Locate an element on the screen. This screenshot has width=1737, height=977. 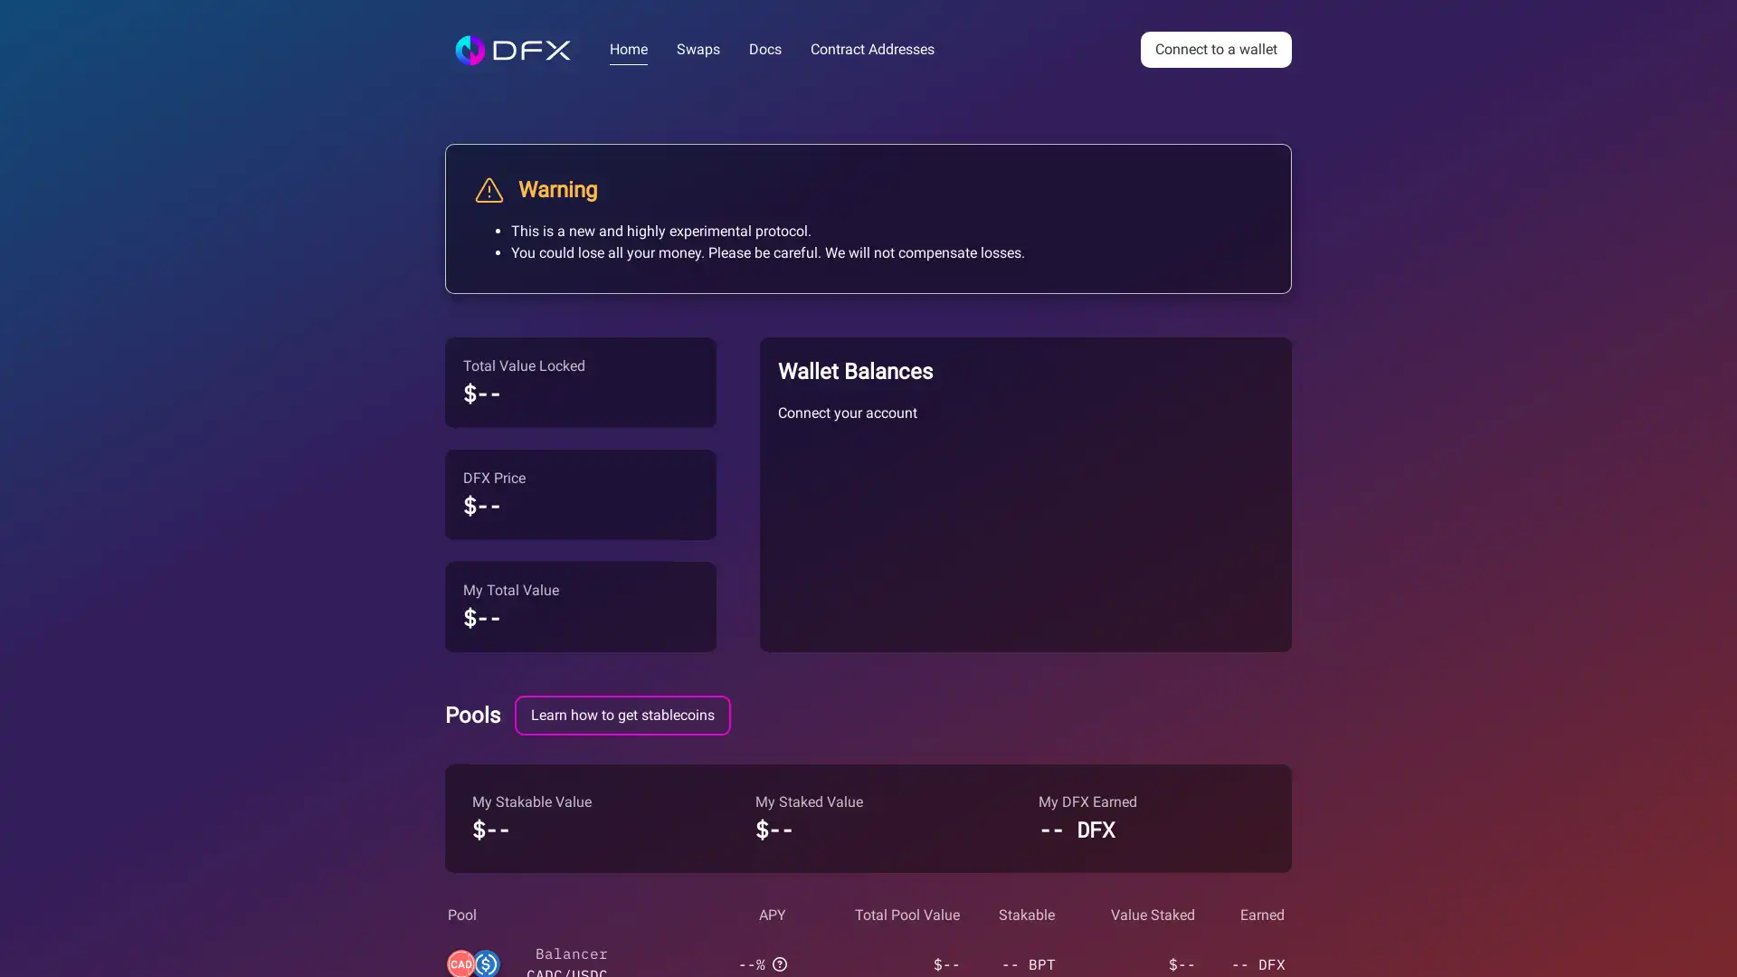
Learn how to get stablecoins is located at coordinates (622, 714).